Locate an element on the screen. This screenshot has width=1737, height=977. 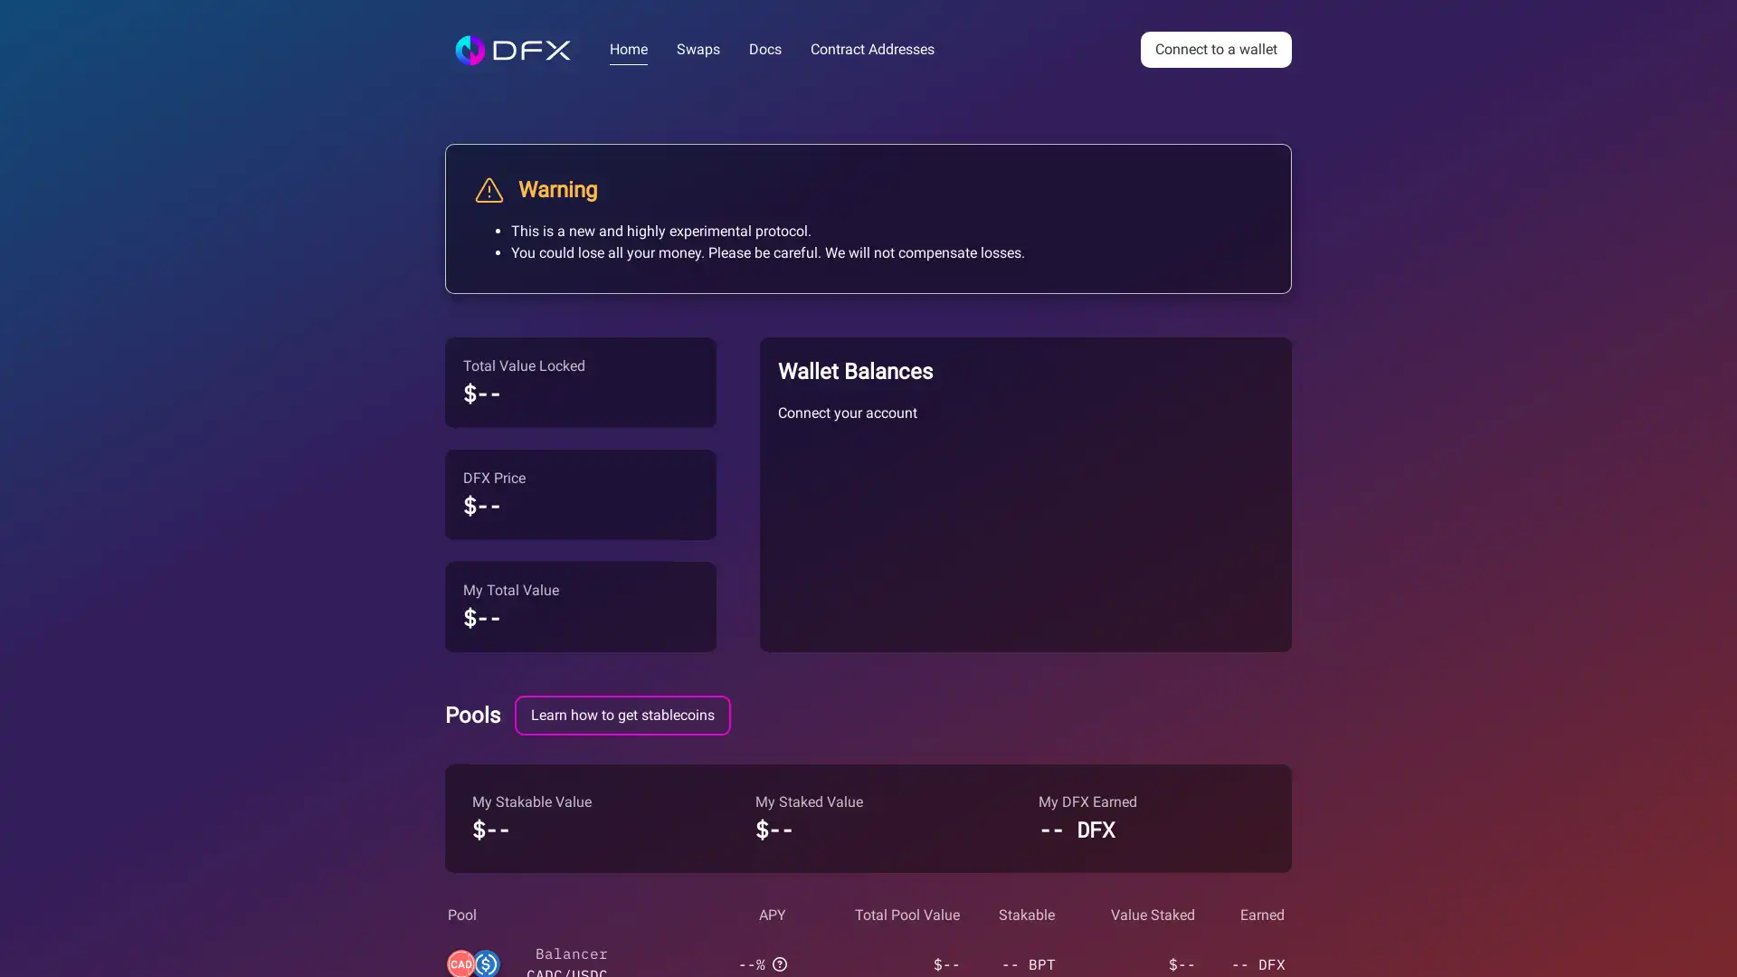
Learn how to get stablecoins is located at coordinates (622, 714).